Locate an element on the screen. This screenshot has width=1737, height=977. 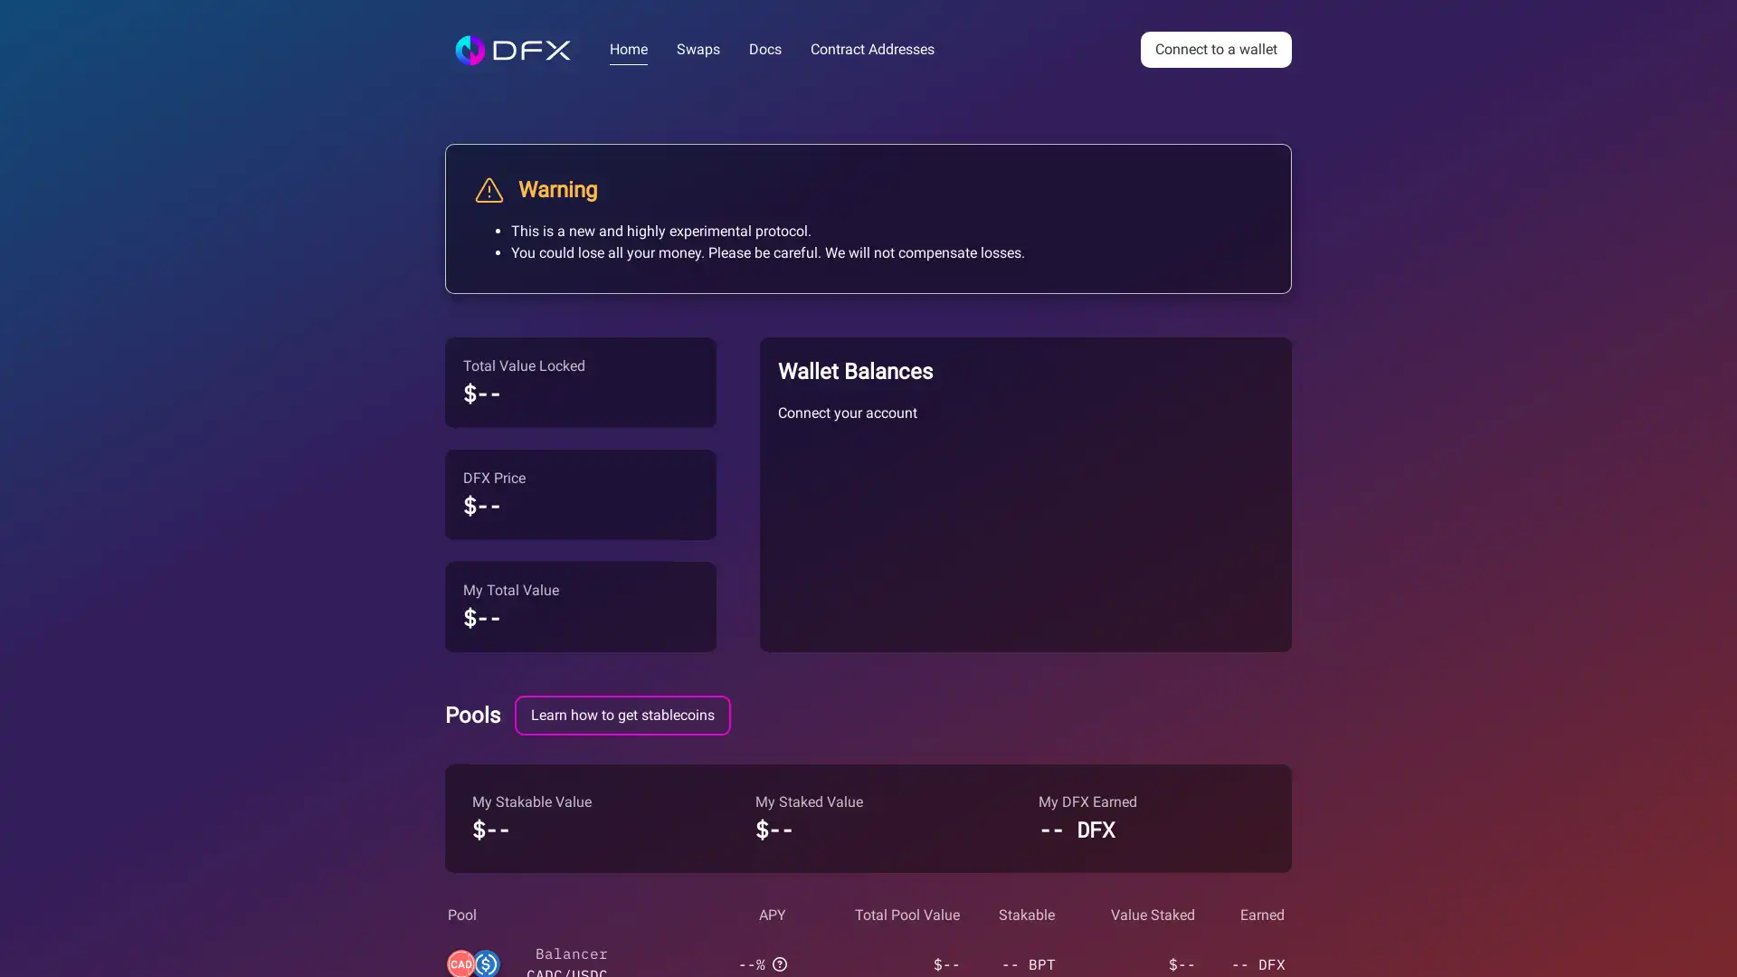
Learn how to get stablecoins is located at coordinates (622, 714).